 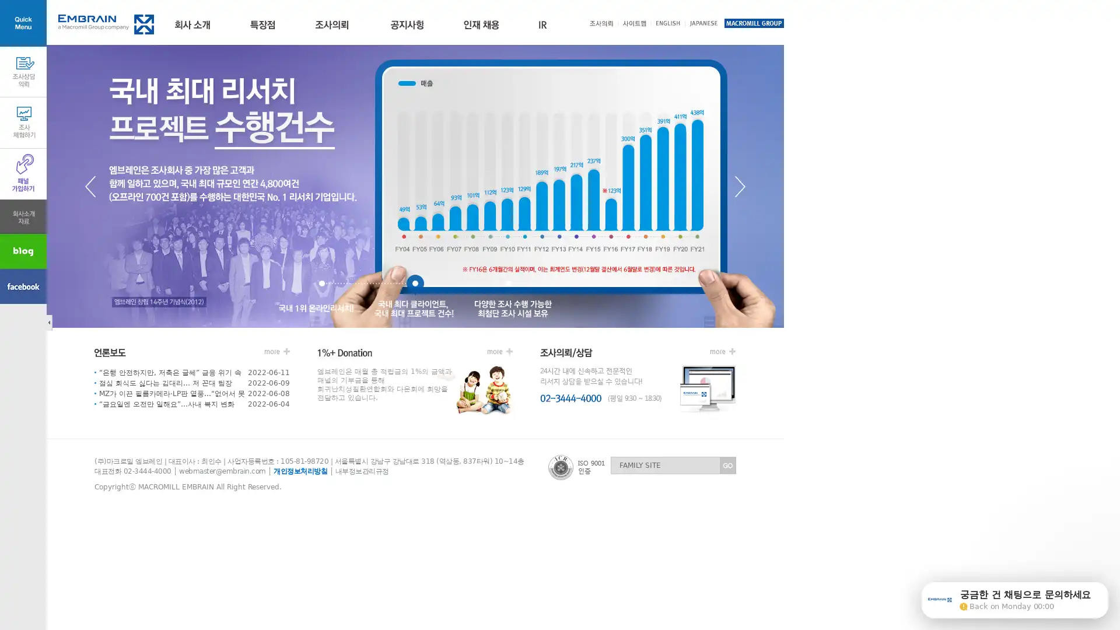 I want to click on Previous, so click(x=89, y=185).